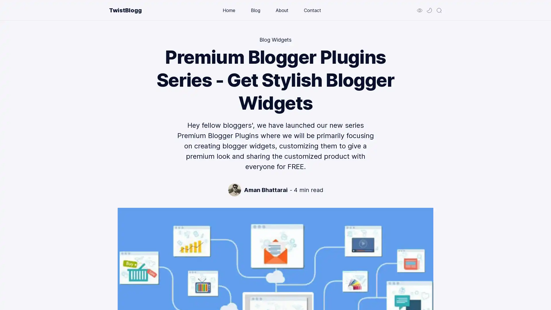  I want to click on Dark, so click(429, 10).